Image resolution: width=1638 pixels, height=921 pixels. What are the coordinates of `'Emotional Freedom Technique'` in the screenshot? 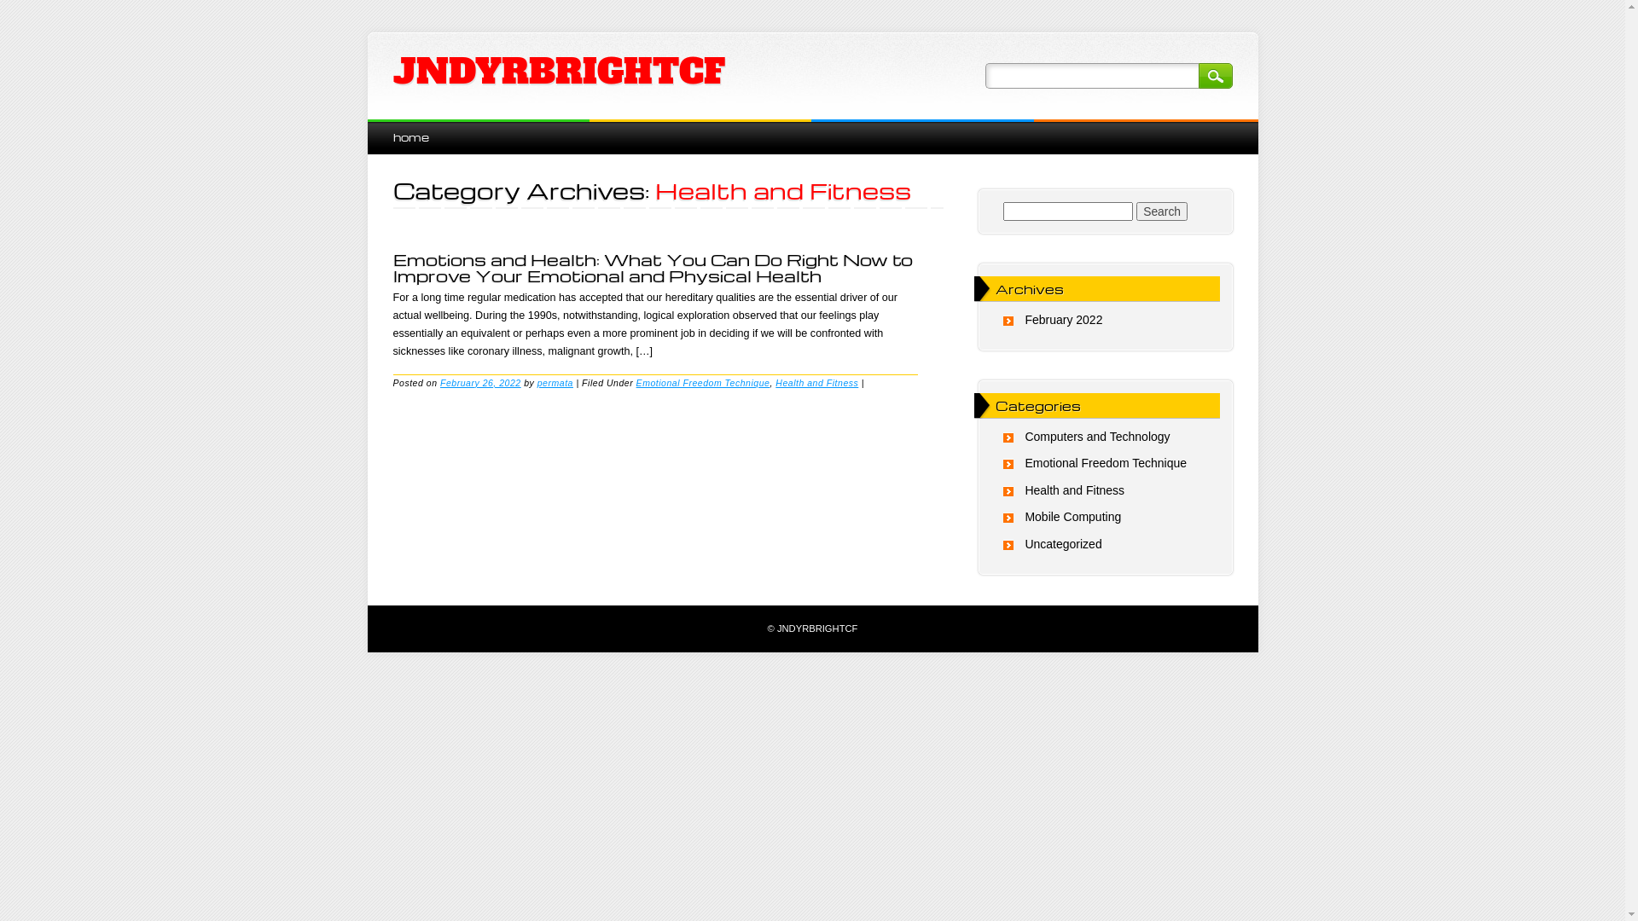 It's located at (1106, 463).